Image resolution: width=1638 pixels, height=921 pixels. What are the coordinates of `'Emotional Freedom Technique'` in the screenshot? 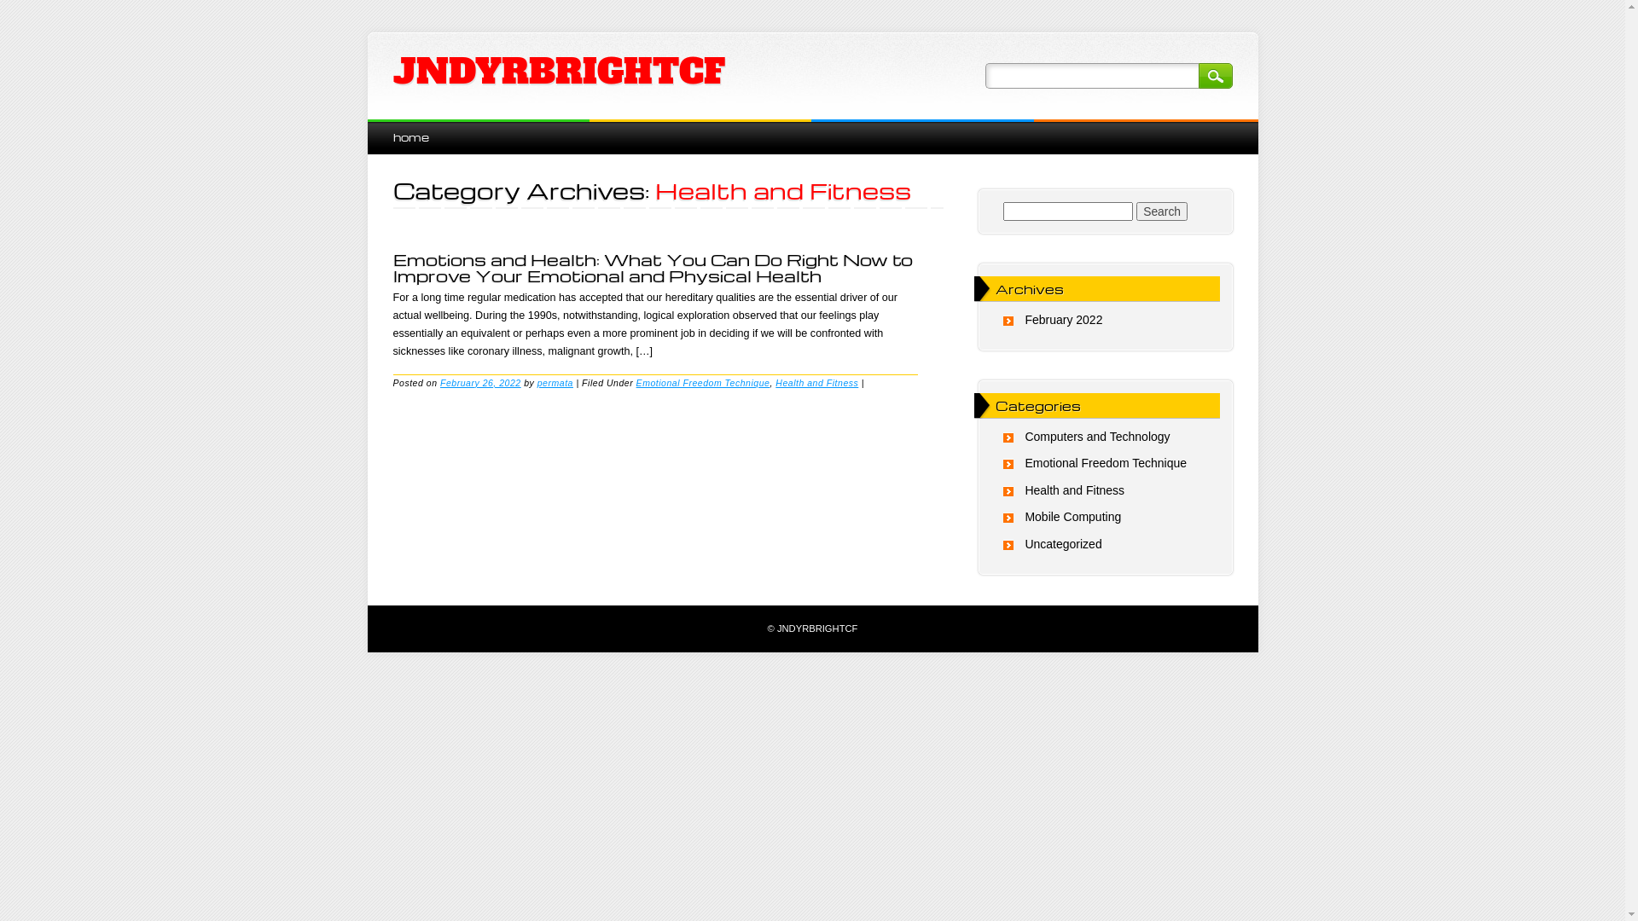 It's located at (1106, 463).